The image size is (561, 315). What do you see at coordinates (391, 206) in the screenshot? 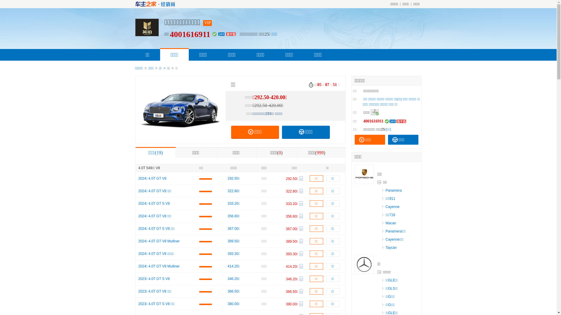
I see `'Cayenne'` at bounding box center [391, 206].